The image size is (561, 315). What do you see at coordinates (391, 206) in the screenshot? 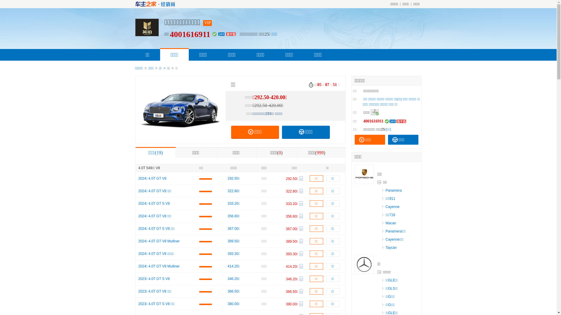
I see `'Cayenne'` at bounding box center [391, 206].